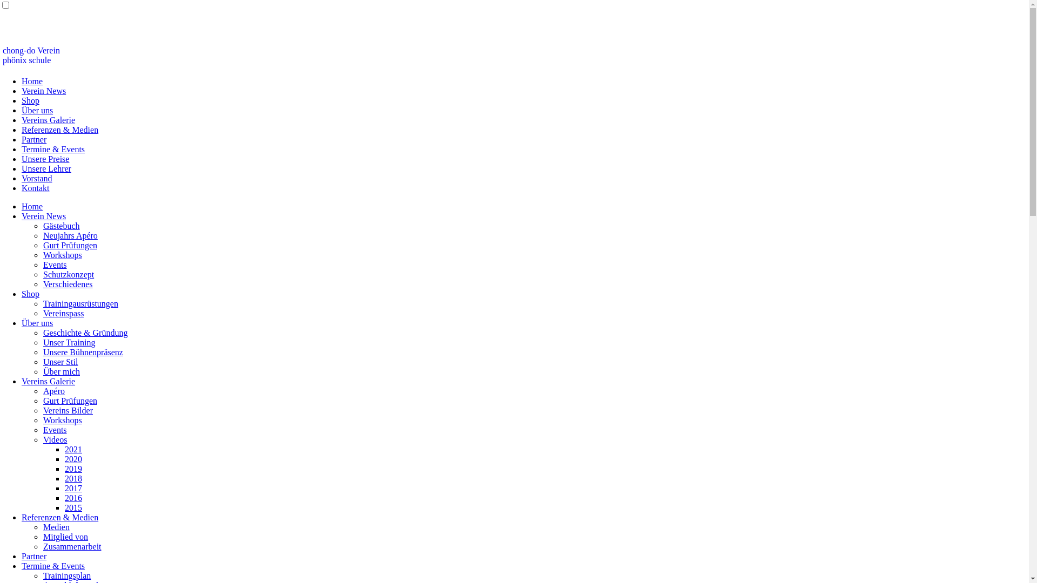  Describe the element at coordinates (62, 419) in the screenshot. I see `'Workshops'` at that location.